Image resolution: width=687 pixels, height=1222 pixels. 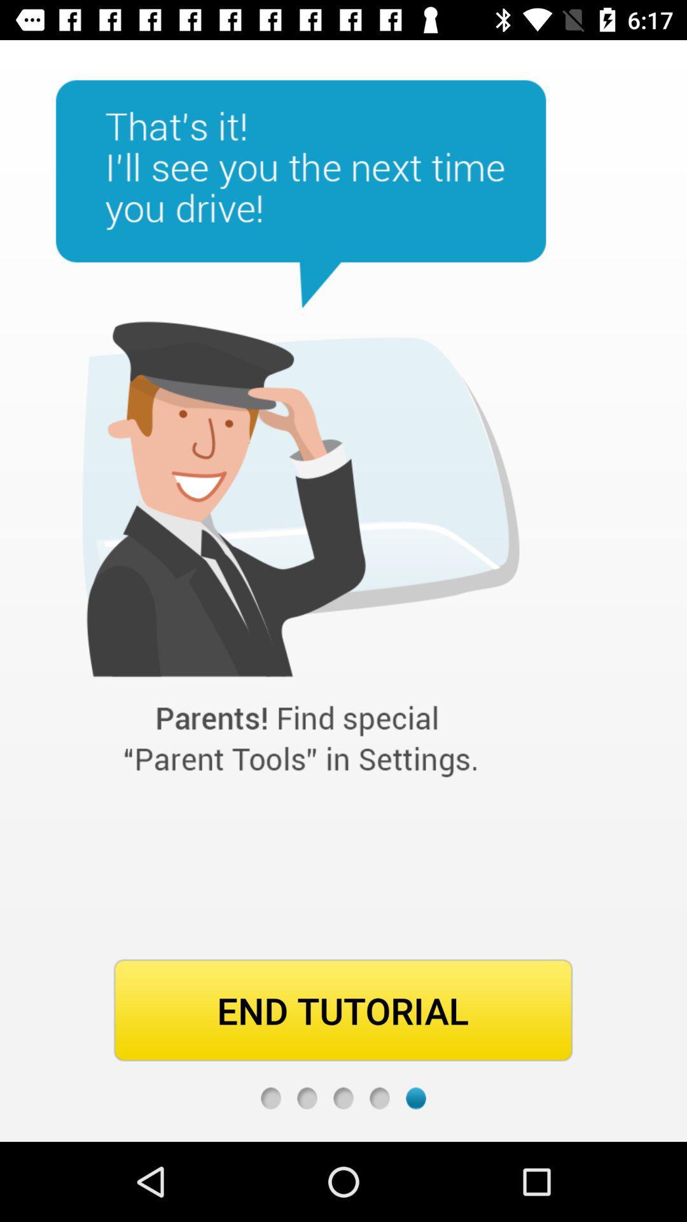 I want to click on goes back two options, so click(x=343, y=1097).